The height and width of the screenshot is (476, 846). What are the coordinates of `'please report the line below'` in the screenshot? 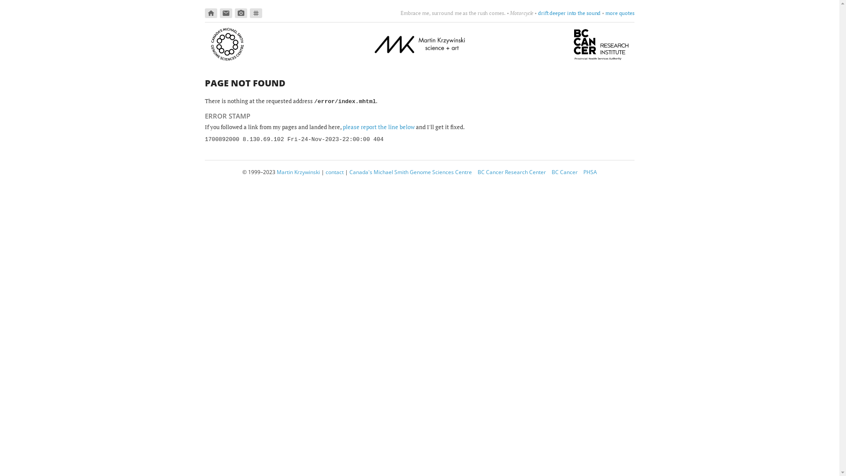 It's located at (342, 127).